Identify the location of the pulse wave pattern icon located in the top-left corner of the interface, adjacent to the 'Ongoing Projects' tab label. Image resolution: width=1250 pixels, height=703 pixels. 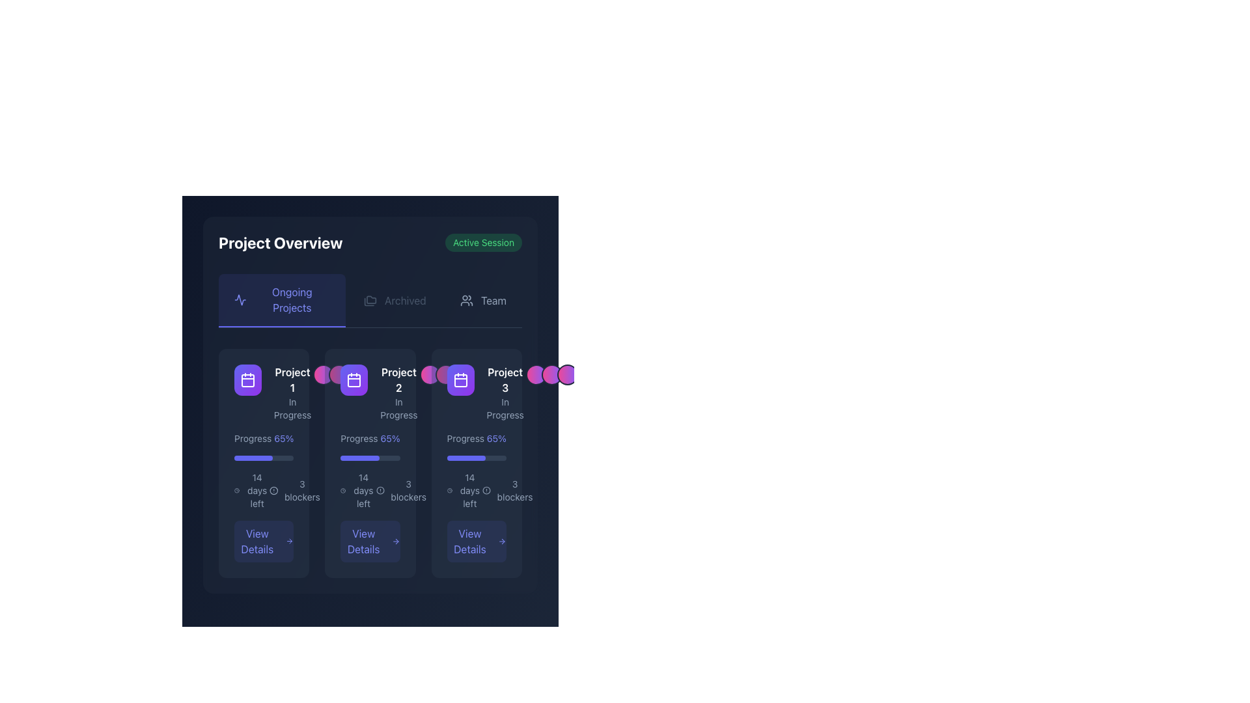
(240, 300).